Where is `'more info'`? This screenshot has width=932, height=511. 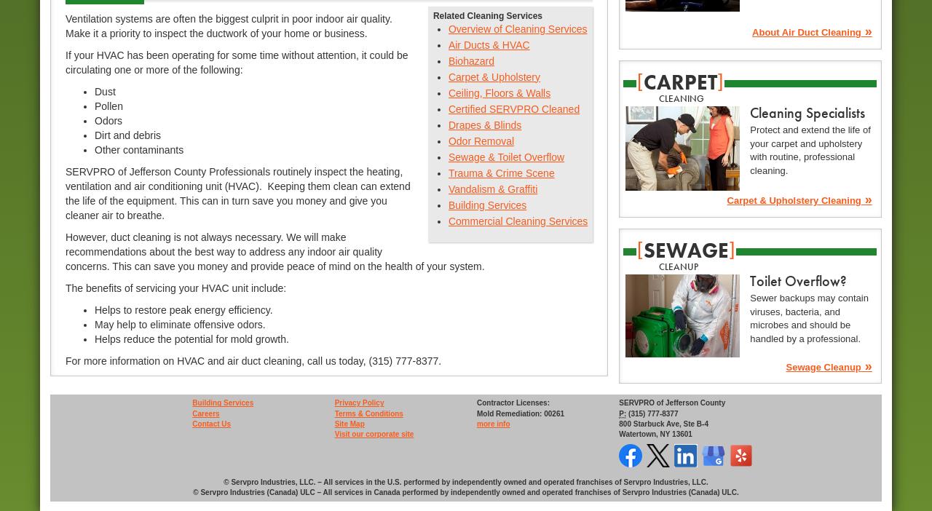
'more info' is located at coordinates (492, 424).